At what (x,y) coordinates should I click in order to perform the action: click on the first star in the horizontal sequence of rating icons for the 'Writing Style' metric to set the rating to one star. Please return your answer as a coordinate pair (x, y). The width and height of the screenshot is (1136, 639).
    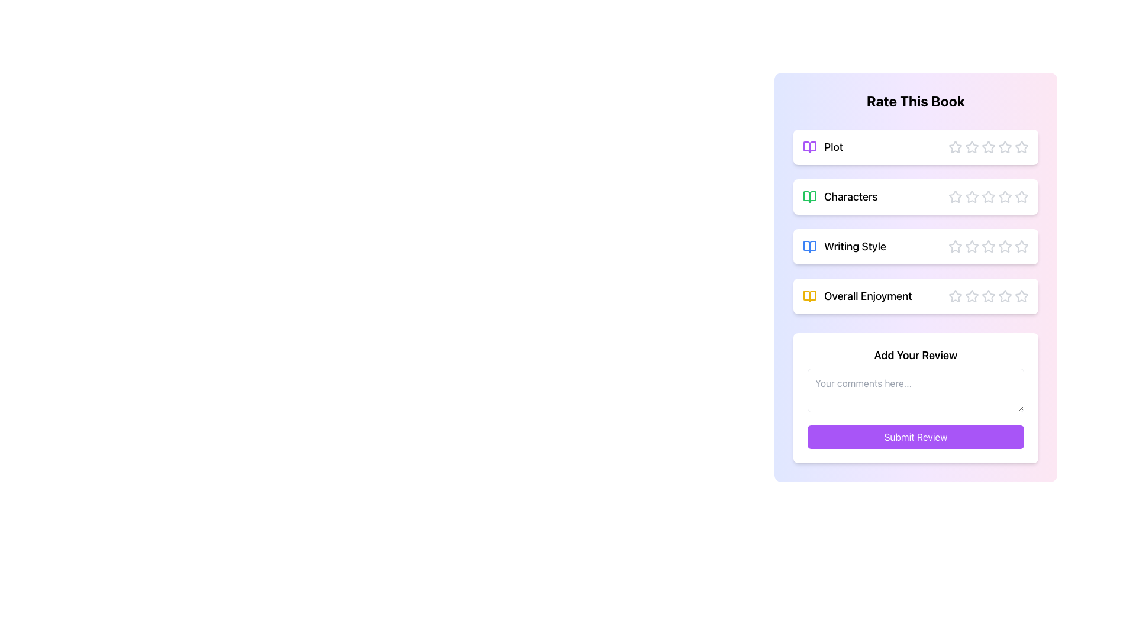
    Looking at the image, I should click on (955, 246).